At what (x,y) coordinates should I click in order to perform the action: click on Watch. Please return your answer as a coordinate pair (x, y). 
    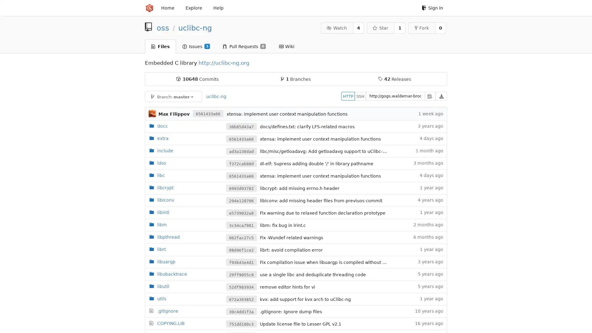
    Looking at the image, I should click on (337, 28).